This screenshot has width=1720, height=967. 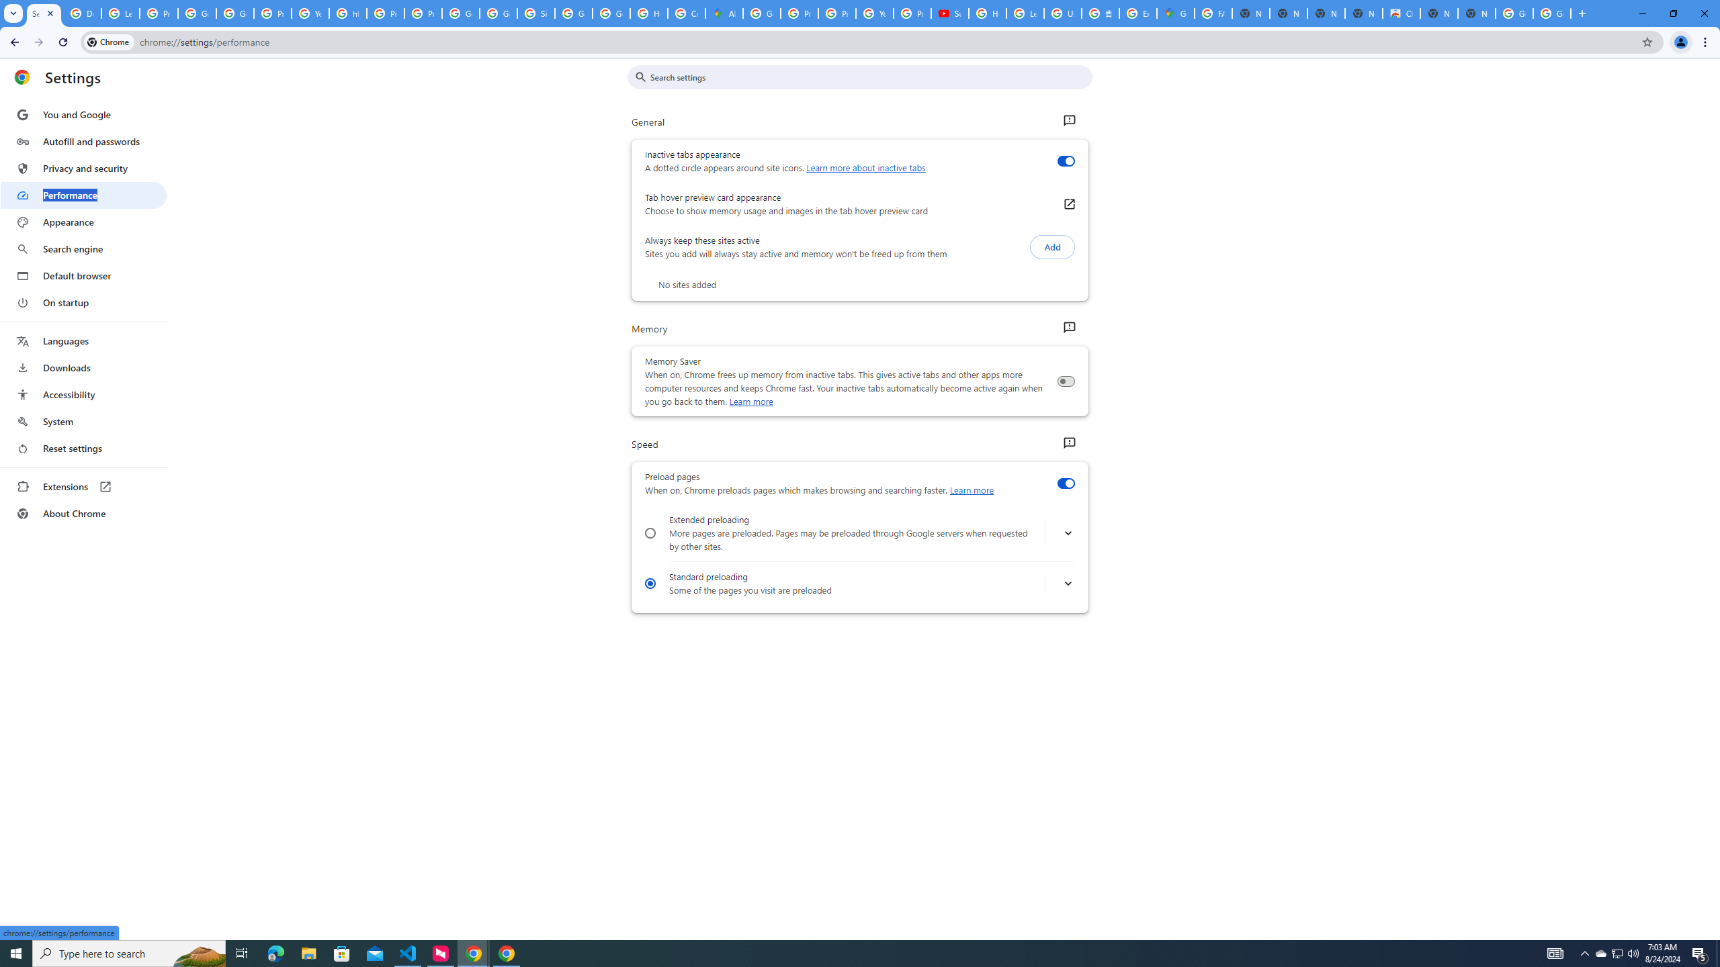 What do you see at coordinates (1068, 121) in the screenshot?
I see `'General'` at bounding box center [1068, 121].